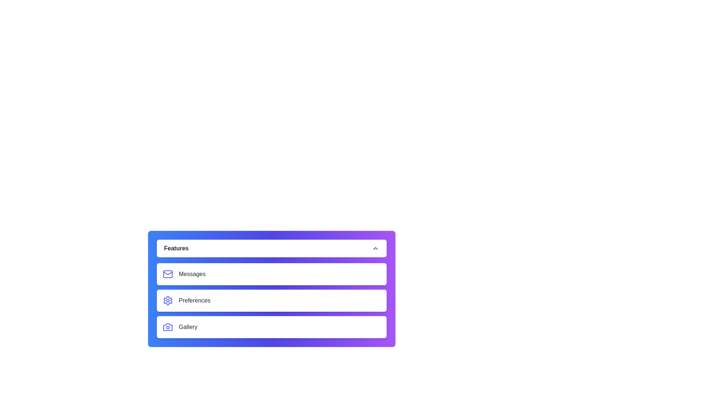 The image size is (707, 397). Describe the element at coordinates (271, 300) in the screenshot. I see `the menu item labeled Preferences to inspect its icon` at that location.